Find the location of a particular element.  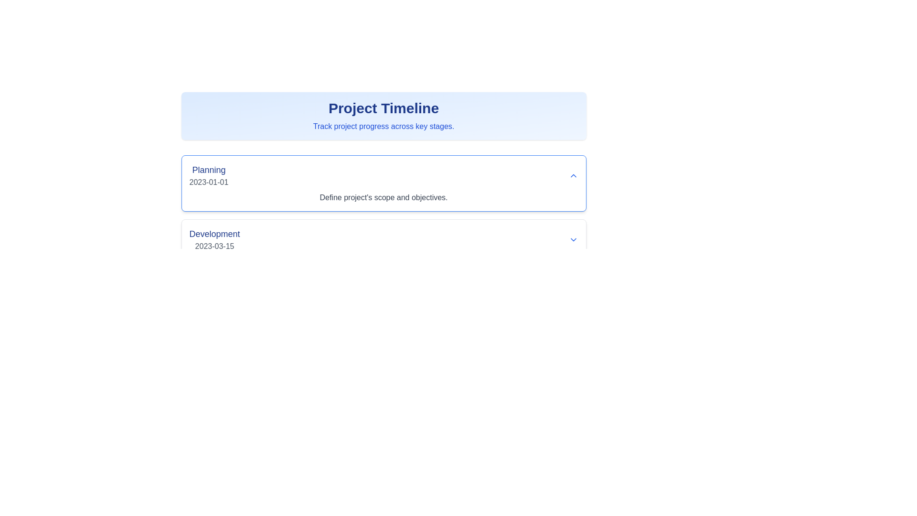

the project planning header text display, which summarizes the planning phase timeframe and is located in the upper left part of the 'Project Timeline' section is located at coordinates (208, 175).